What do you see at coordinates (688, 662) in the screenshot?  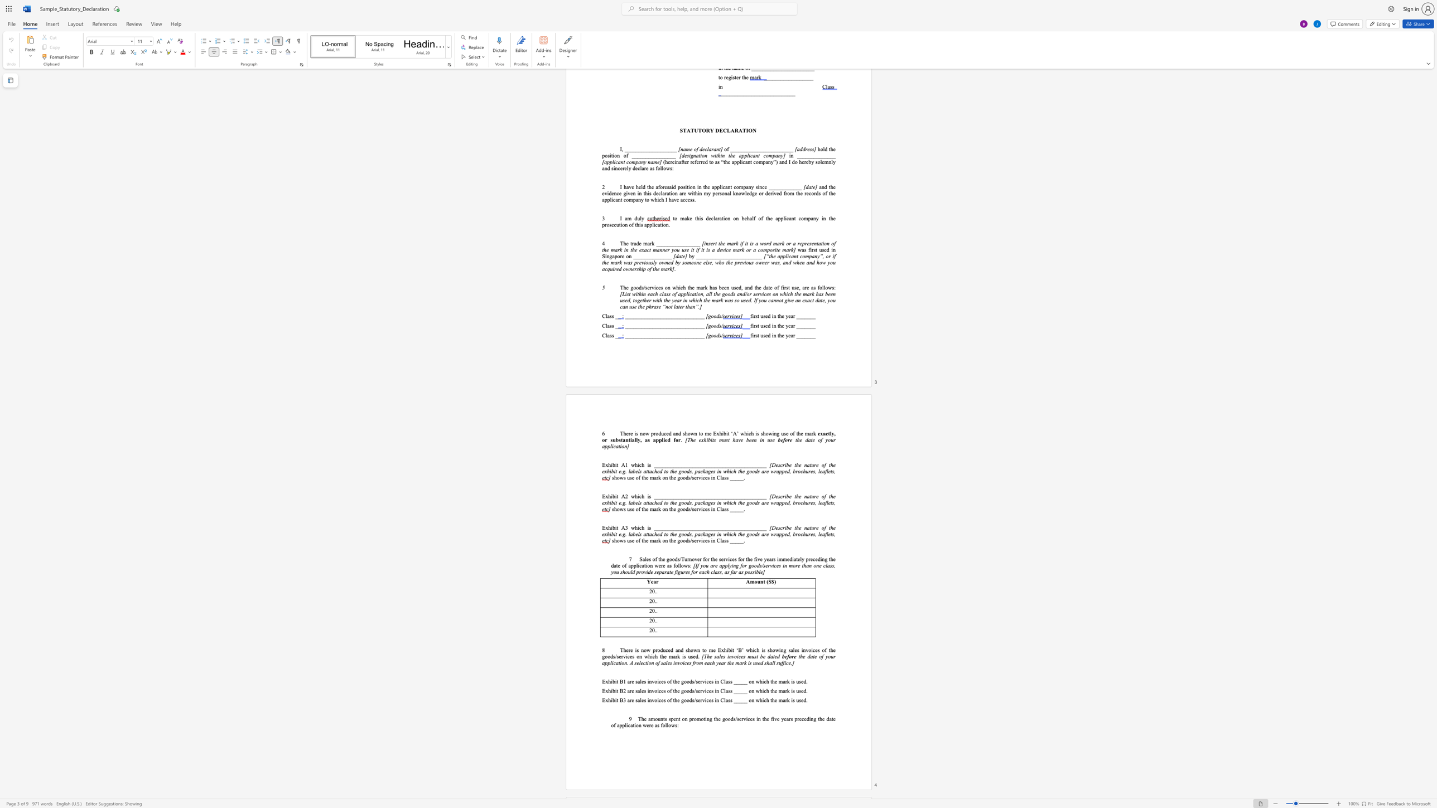 I see `the subset text "s from each year t" within the text "of sales invoices from each year the mark is used shall suffice.]"` at bounding box center [688, 662].